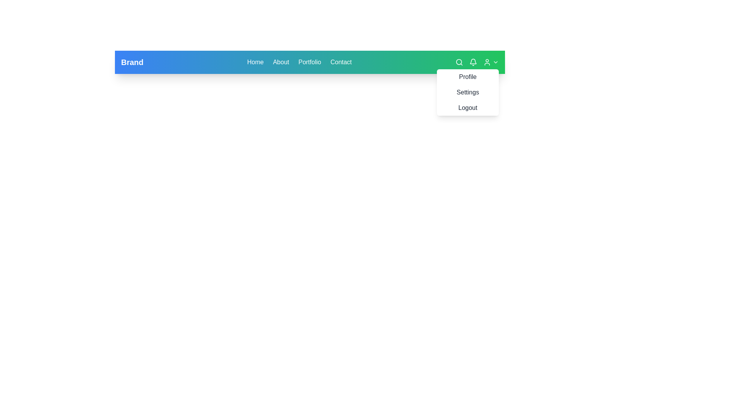 The height and width of the screenshot is (418, 743). What do you see at coordinates (486, 62) in the screenshot?
I see `the user profile access icon` at bounding box center [486, 62].